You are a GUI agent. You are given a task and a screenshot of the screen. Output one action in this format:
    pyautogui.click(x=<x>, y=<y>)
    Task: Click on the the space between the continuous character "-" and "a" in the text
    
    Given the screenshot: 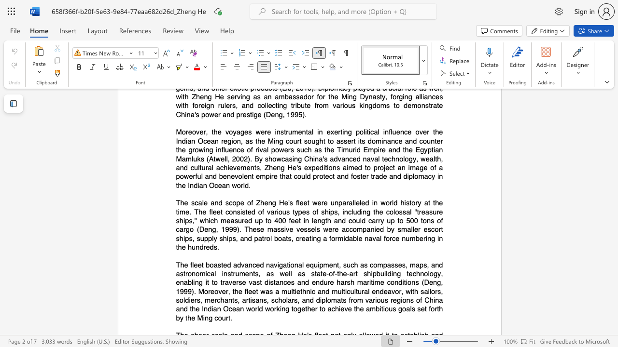 What is the action you would take?
    pyautogui.click(x=349, y=273)
    